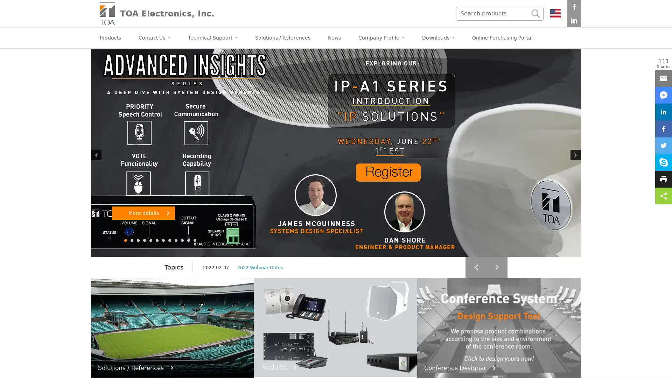 This screenshot has width=672, height=378. Describe the element at coordinates (183, 240) in the screenshot. I see `10` at that location.